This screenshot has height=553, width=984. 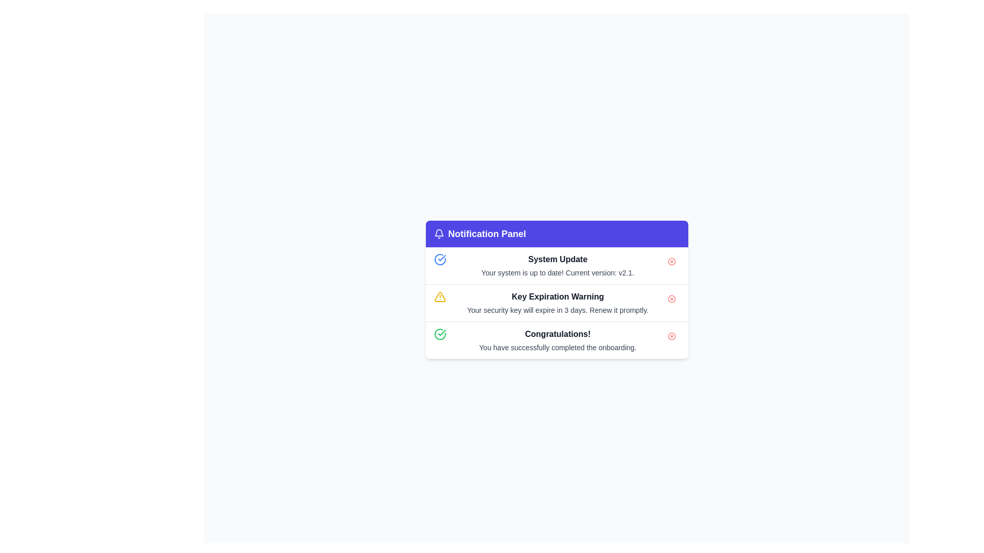 What do you see at coordinates (557, 296) in the screenshot?
I see `the bold text label displaying 'Key Expiration Warning' that emphasizes its importance within the Notification Panel` at bounding box center [557, 296].